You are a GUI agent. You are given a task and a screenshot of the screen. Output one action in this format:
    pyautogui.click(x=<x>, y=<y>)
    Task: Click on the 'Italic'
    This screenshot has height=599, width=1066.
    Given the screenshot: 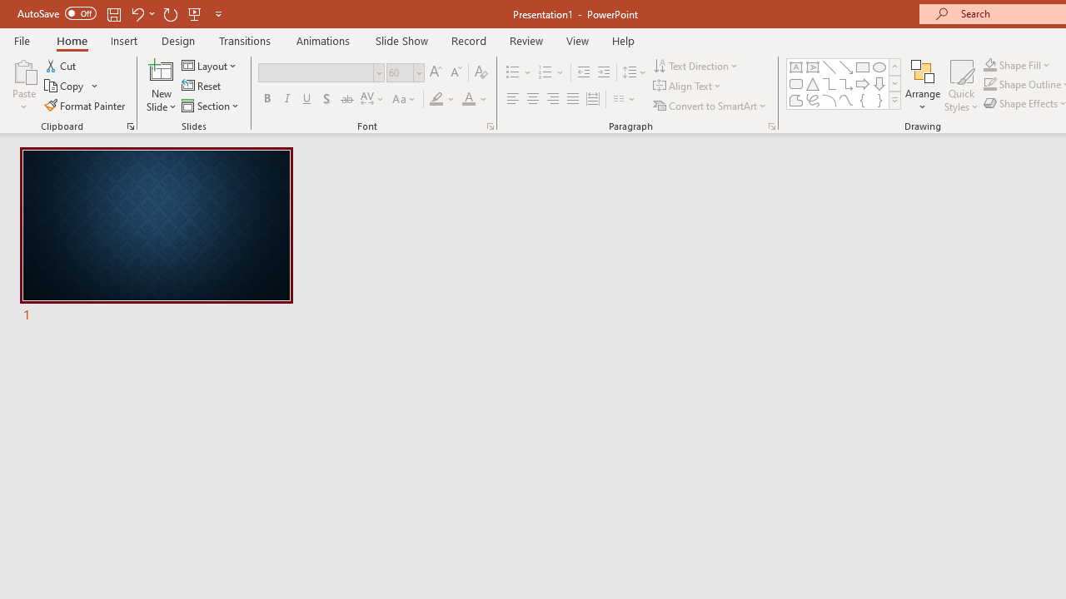 What is the action you would take?
    pyautogui.click(x=286, y=99)
    